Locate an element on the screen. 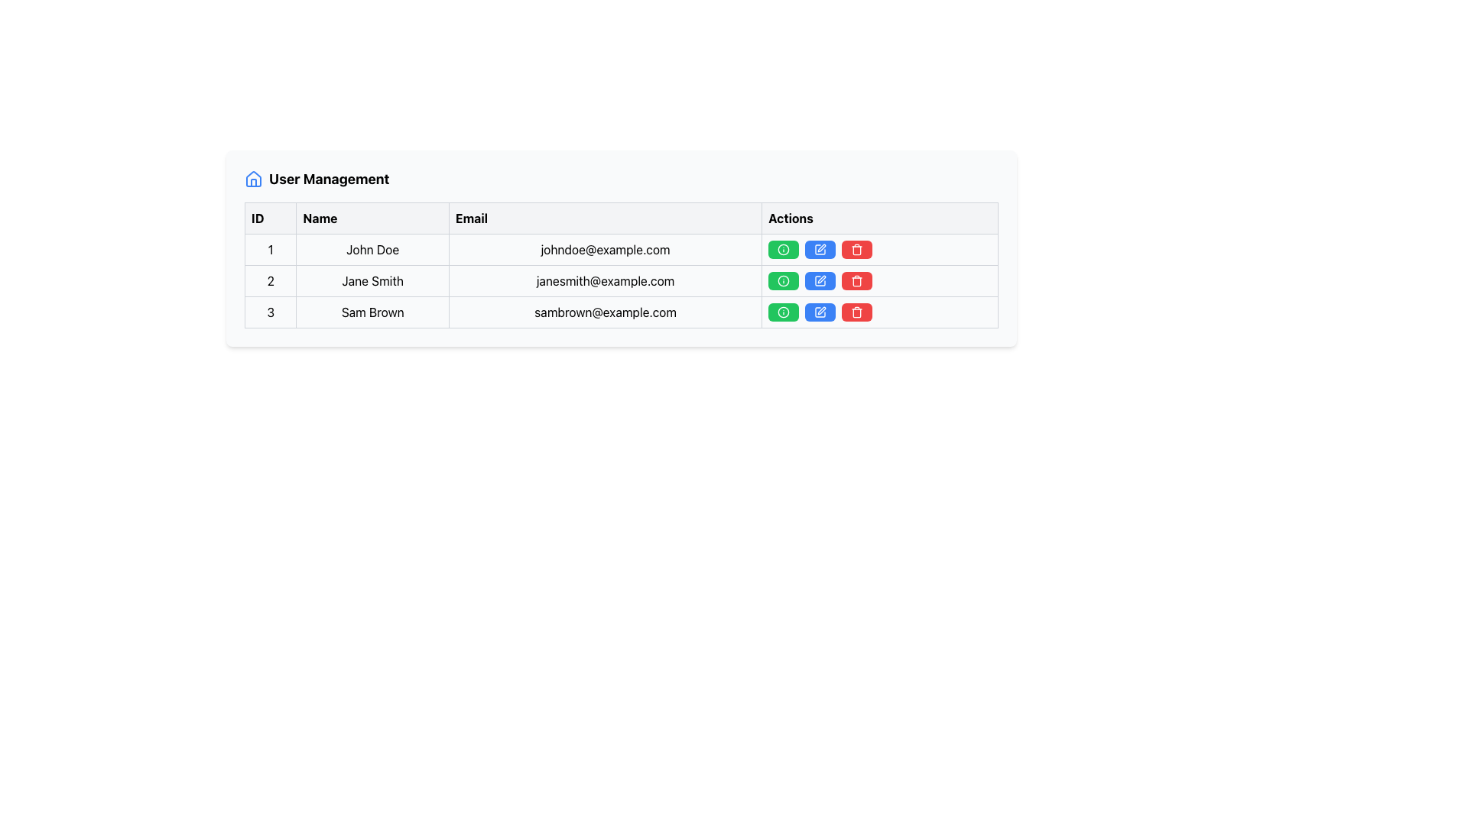 The image size is (1468, 825). the pen icon within the blue button associated with 'Jane Smith' in the User Management table is located at coordinates (821, 280).